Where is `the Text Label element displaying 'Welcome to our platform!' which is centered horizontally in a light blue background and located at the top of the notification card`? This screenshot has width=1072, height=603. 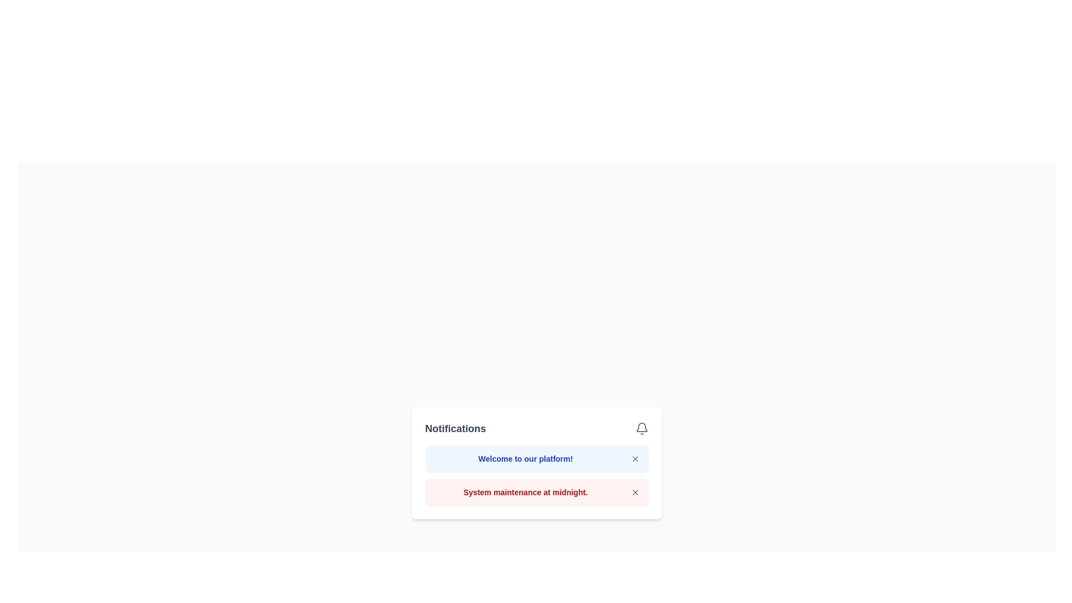 the Text Label element displaying 'Welcome to our platform!' which is centered horizontally in a light blue background and located at the top of the notification card is located at coordinates (525, 458).